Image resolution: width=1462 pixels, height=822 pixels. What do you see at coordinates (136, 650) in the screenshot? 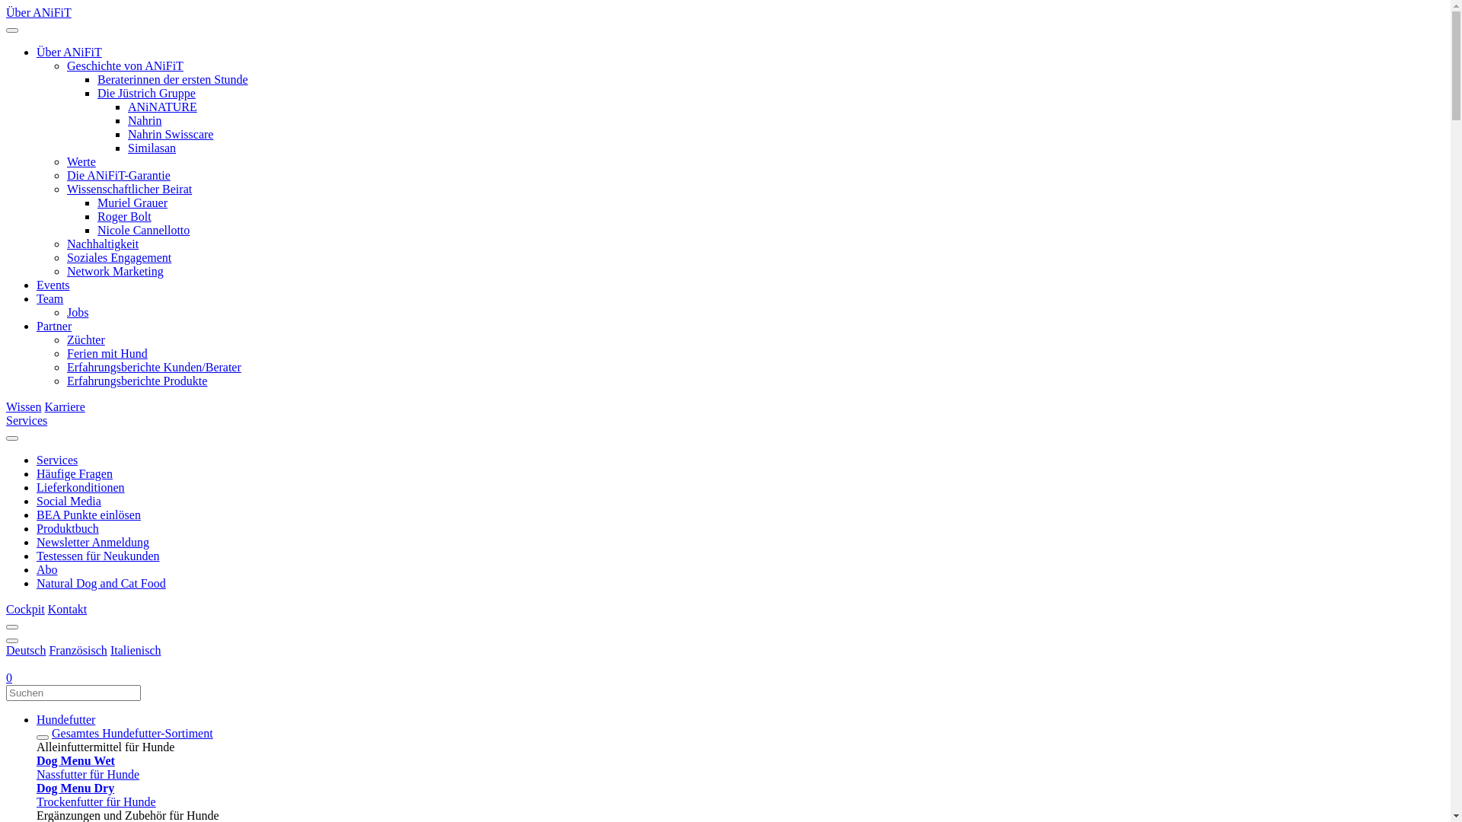
I see `'Italienisch'` at bounding box center [136, 650].